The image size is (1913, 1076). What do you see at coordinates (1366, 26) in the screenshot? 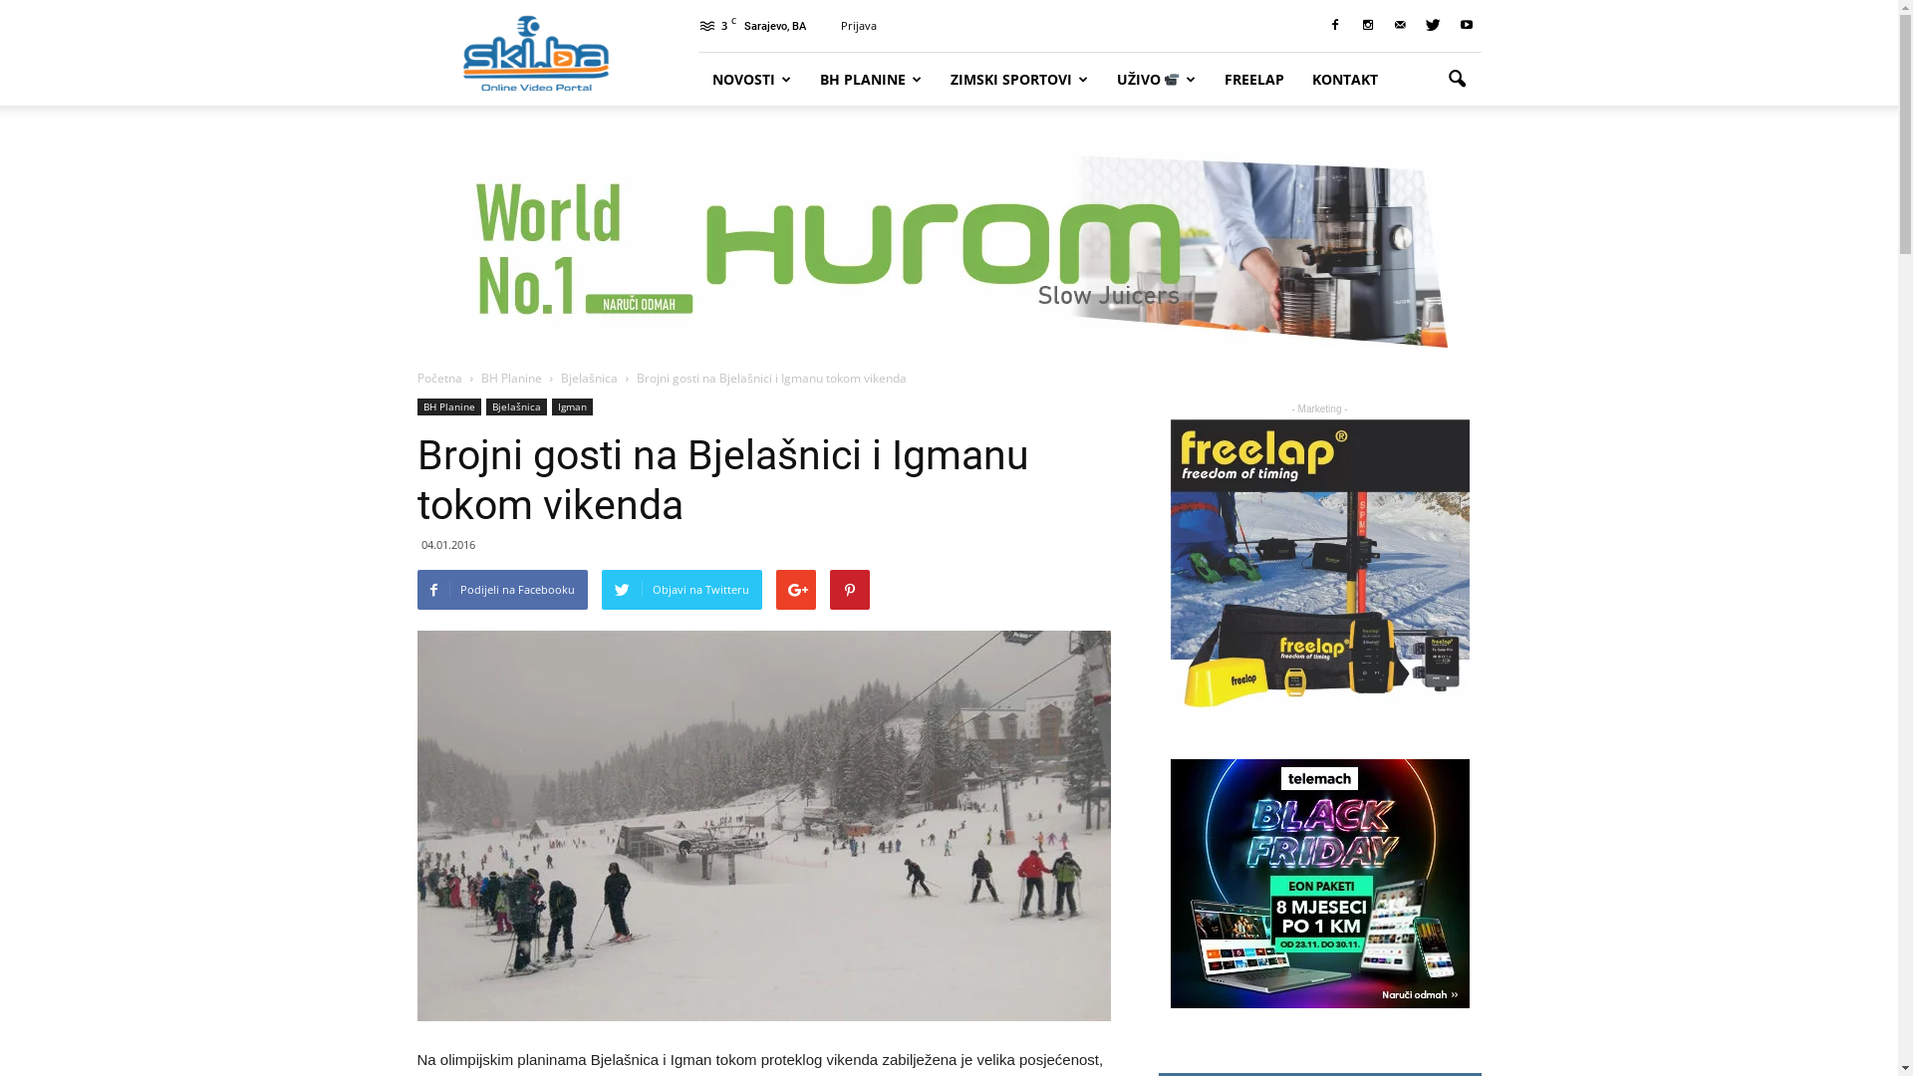
I see `'Instagram'` at bounding box center [1366, 26].